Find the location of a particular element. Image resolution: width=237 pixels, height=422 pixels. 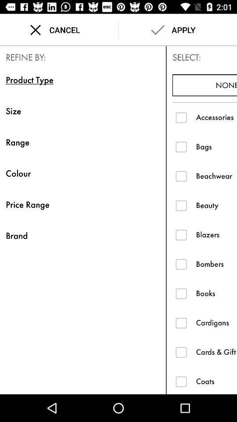

product type is located at coordinates (181, 381).